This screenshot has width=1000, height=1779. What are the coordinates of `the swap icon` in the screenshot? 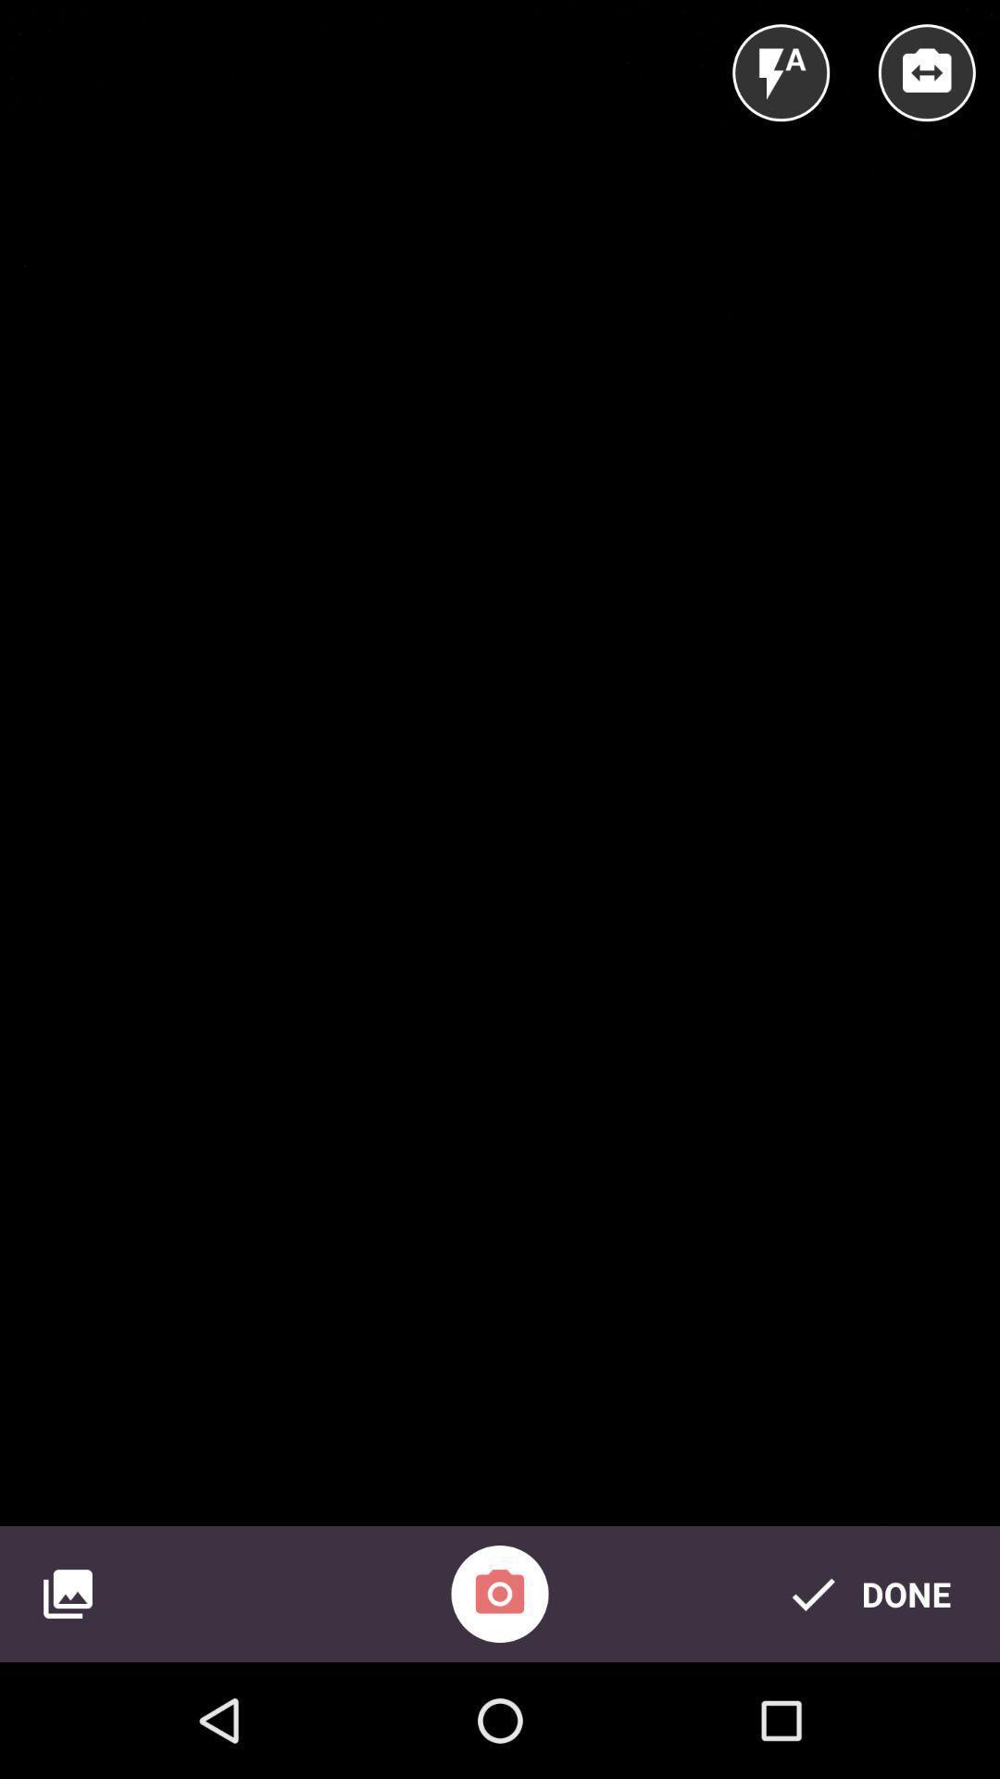 It's located at (927, 72).